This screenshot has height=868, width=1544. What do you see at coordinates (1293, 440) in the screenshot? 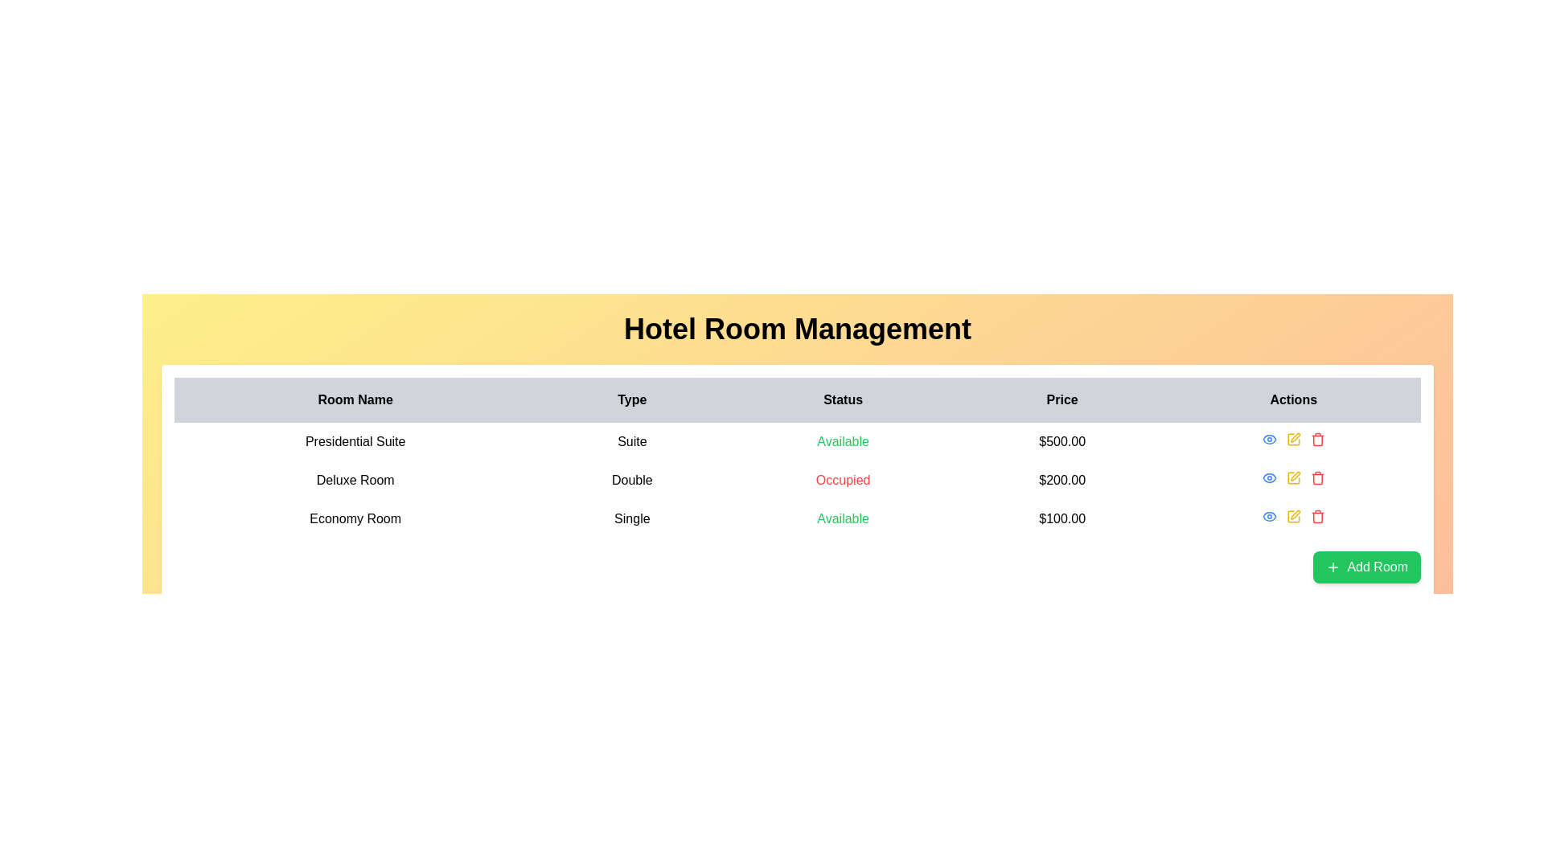
I see `the edit button located in the 'Actions' column of the first row in the table, which is the second action icon between the blue eye icon and the red trash can icon` at bounding box center [1293, 440].